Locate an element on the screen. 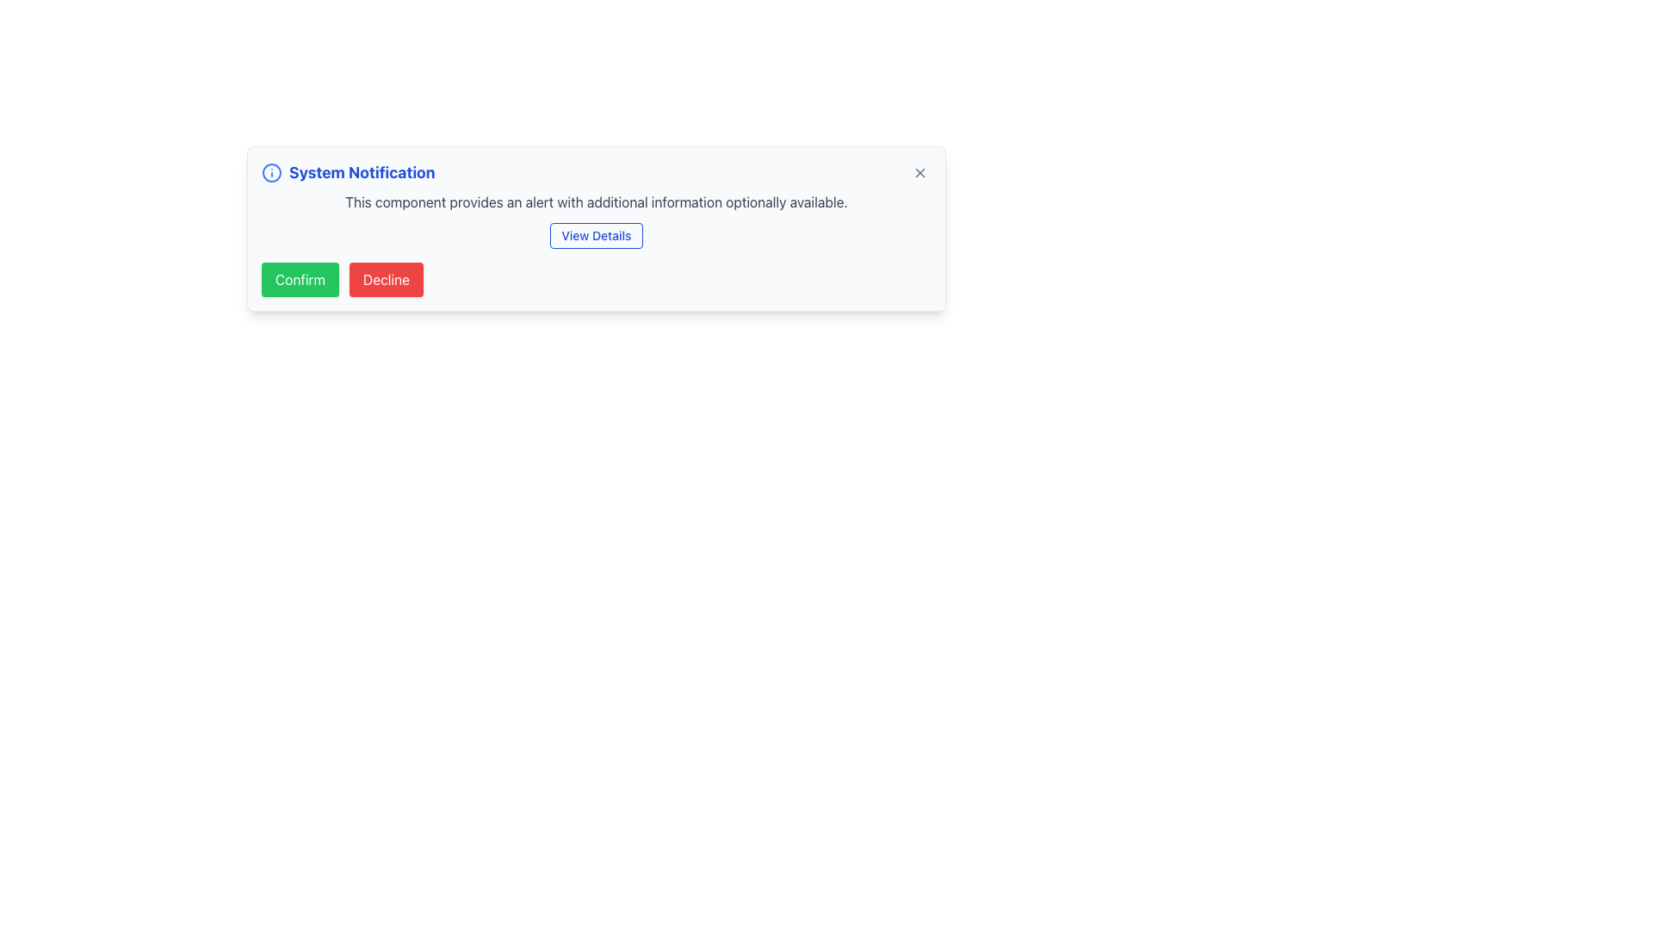 This screenshot has width=1653, height=930. the close button represented by an 'X' icon in the top-right corner of the notification card is located at coordinates (919, 172).